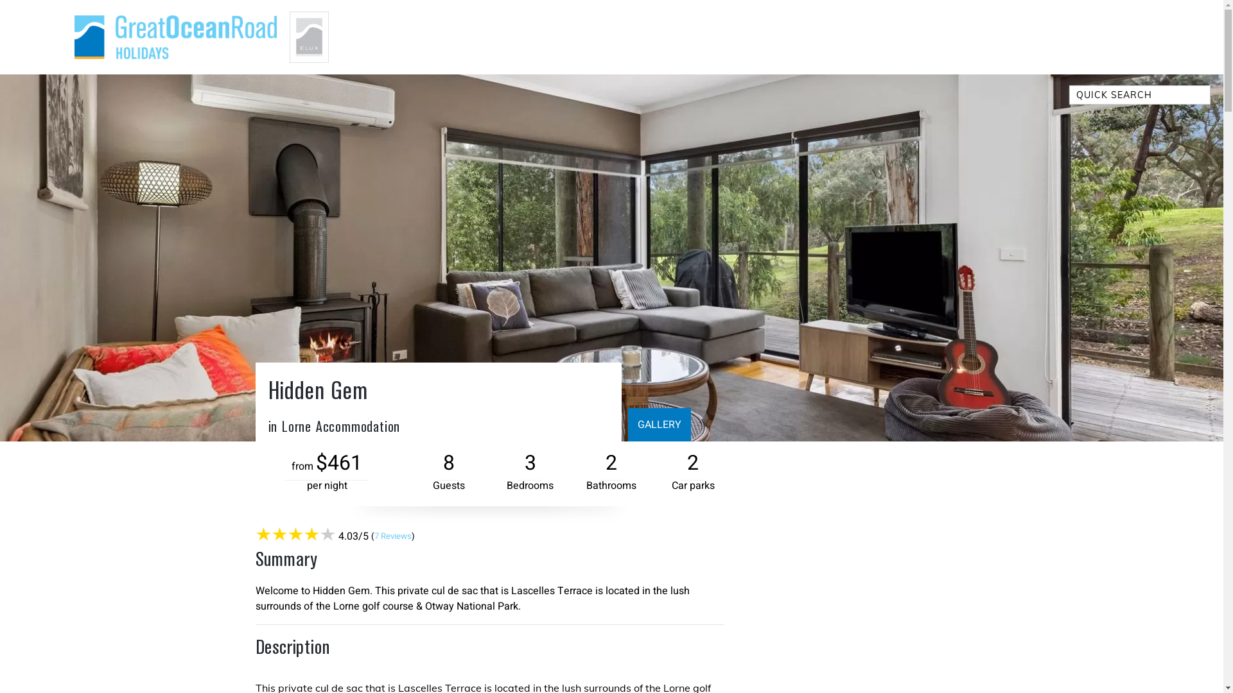 This screenshot has width=1233, height=693. I want to click on '7 Reviews', so click(391, 536).